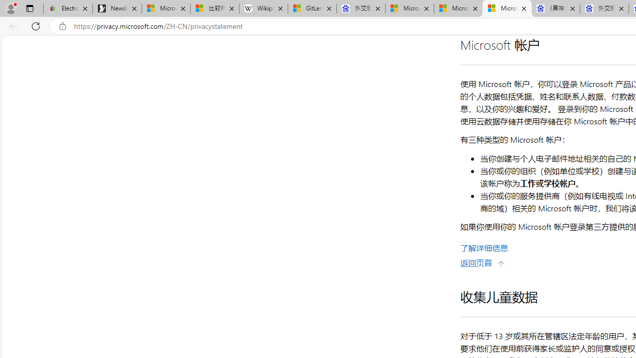 The height and width of the screenshot is (358, 636). I want to click on 'Wikipedia', so click(263, 8).